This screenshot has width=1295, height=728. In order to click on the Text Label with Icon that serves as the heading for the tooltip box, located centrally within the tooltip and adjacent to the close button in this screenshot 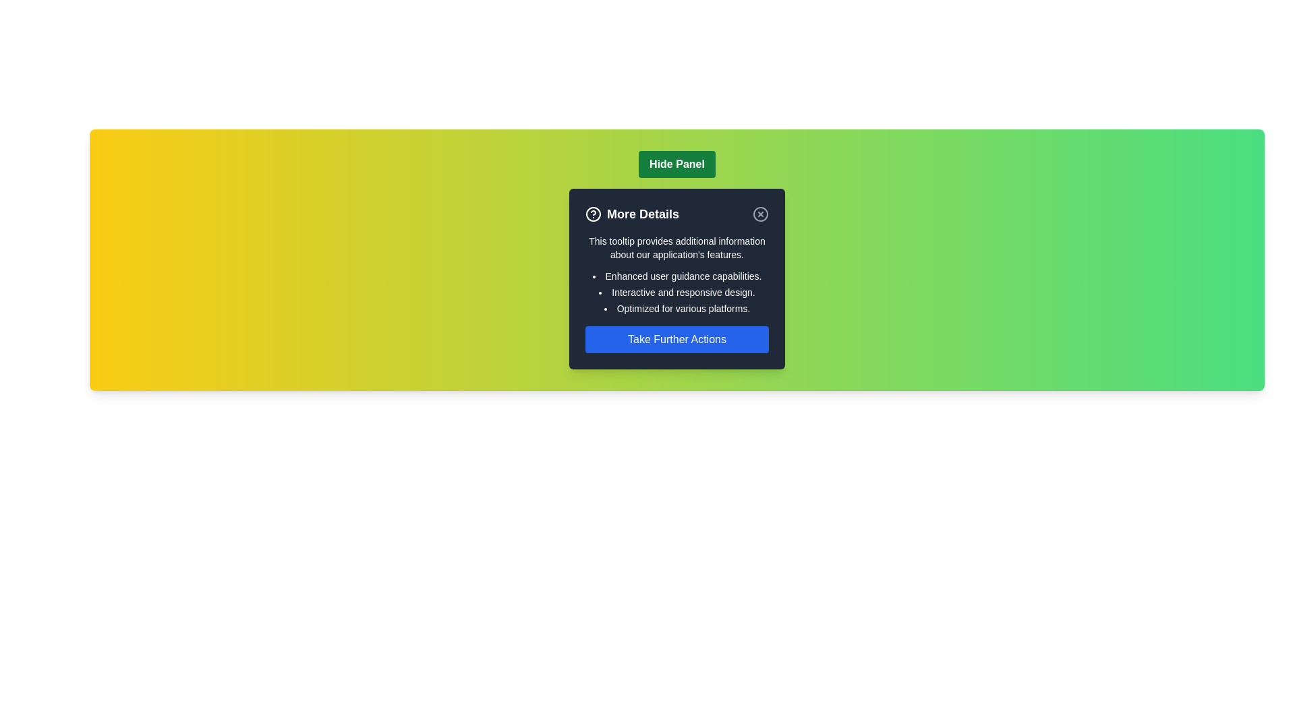, I will do `click(631, 213)`.